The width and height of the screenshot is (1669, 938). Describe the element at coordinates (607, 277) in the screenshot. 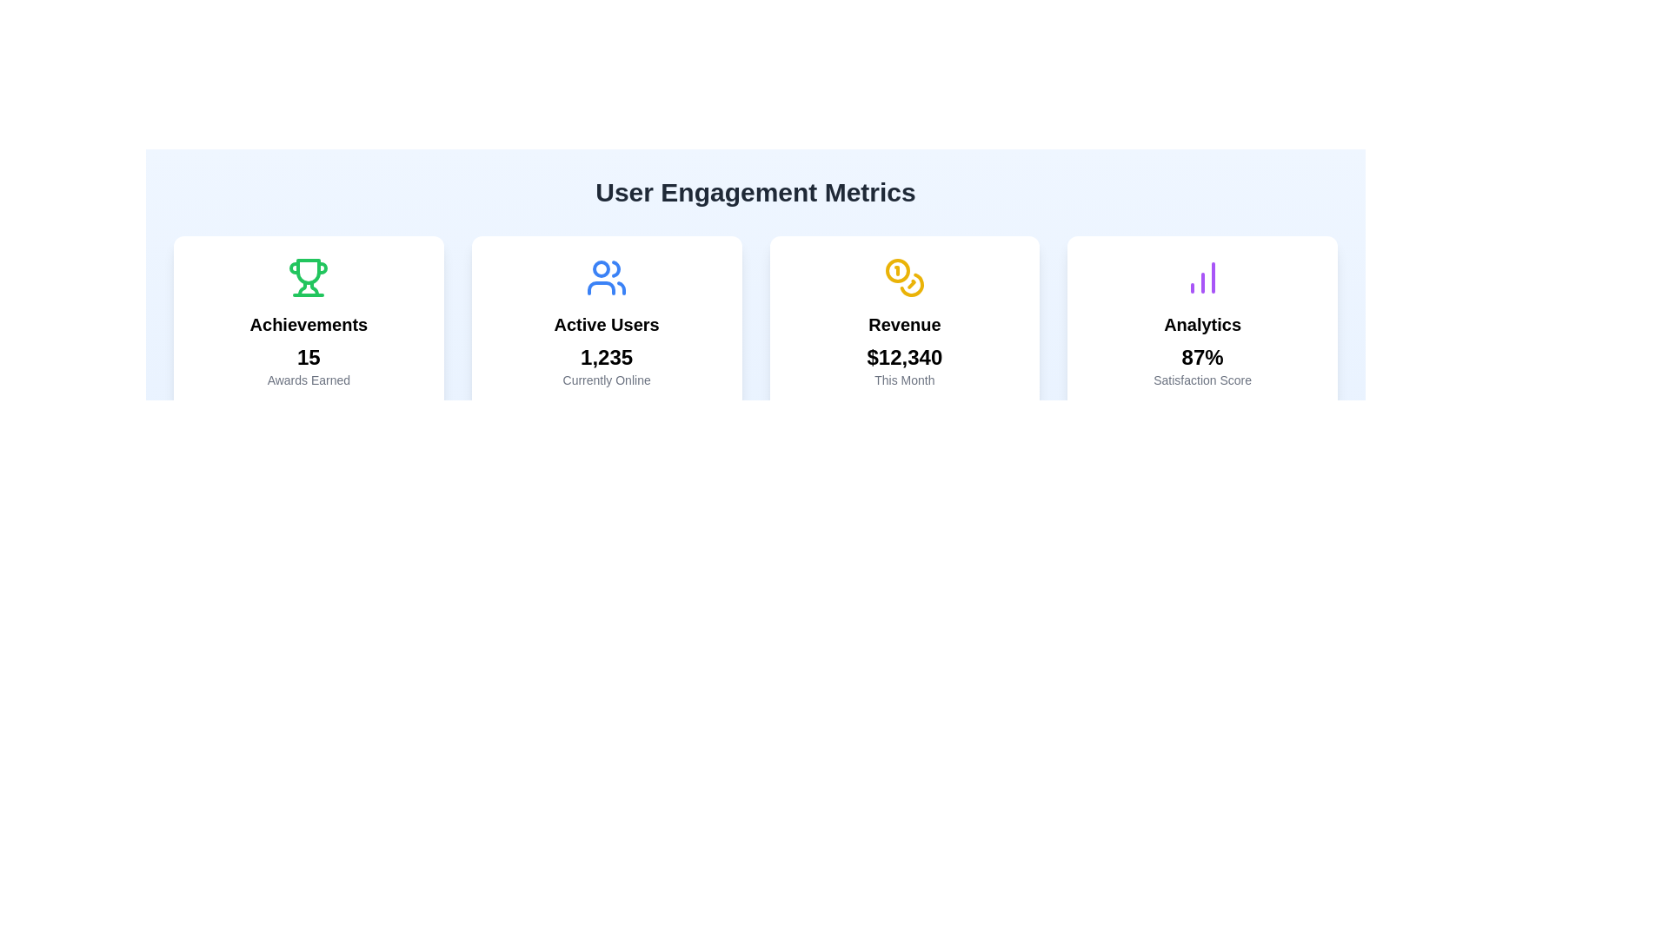

I see `the SVG icon representing two stylized people in outline, which is bright blue and located above the 'Active Users' title in the second card under 'User Engagement Metrics'` at that location.